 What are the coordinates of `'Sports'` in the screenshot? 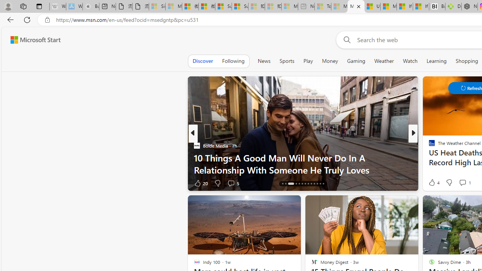 It's located at (286, 61).